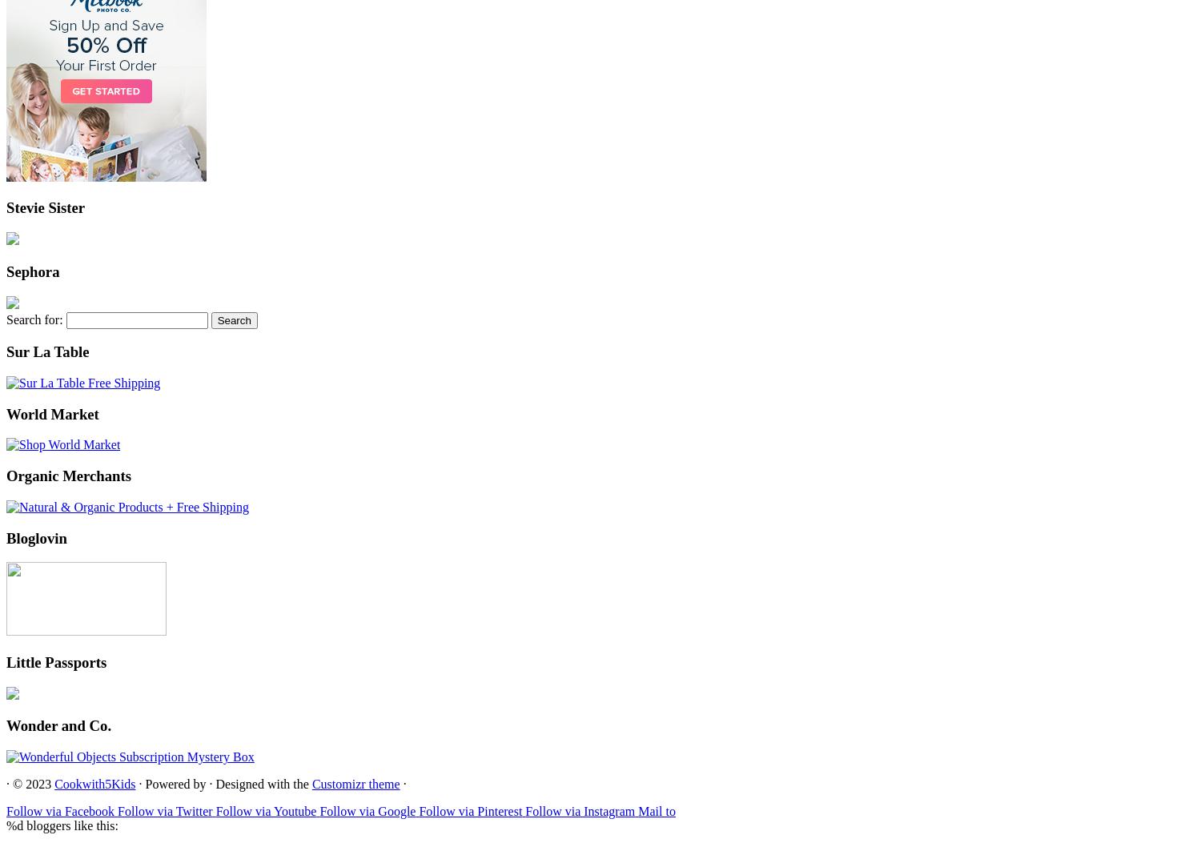  Describe the element at coordinates (32, 270) in the screenshot. I see `'Sephora'` at that location.